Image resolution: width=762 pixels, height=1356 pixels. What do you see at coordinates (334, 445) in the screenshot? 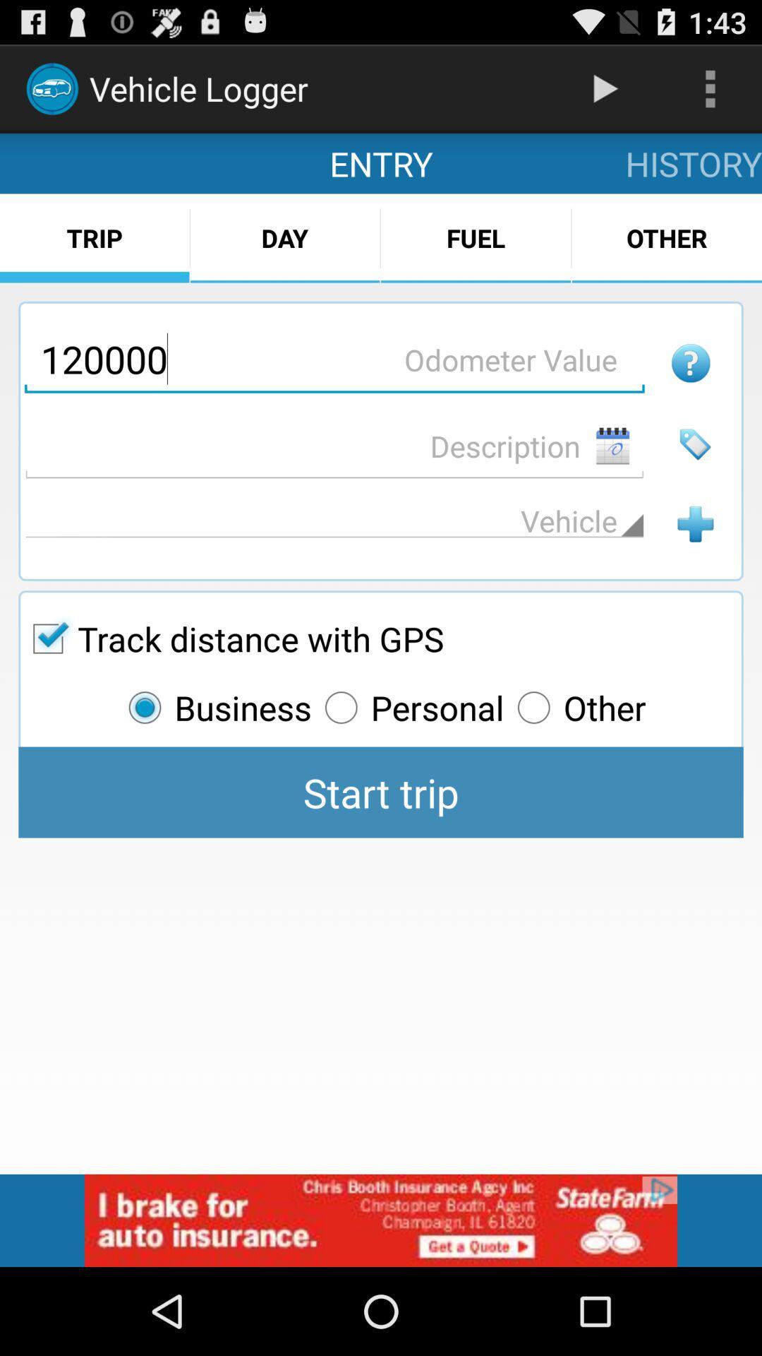
I see `description` at bounding box center [334, 445].